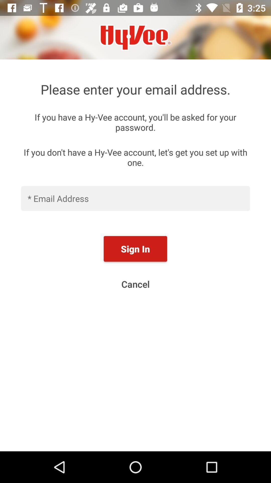 This screenshot has width=271, height=483. Describe the element at coordinates (135, 198) in the screenshot. I see `icon above the sign in item` at that location.